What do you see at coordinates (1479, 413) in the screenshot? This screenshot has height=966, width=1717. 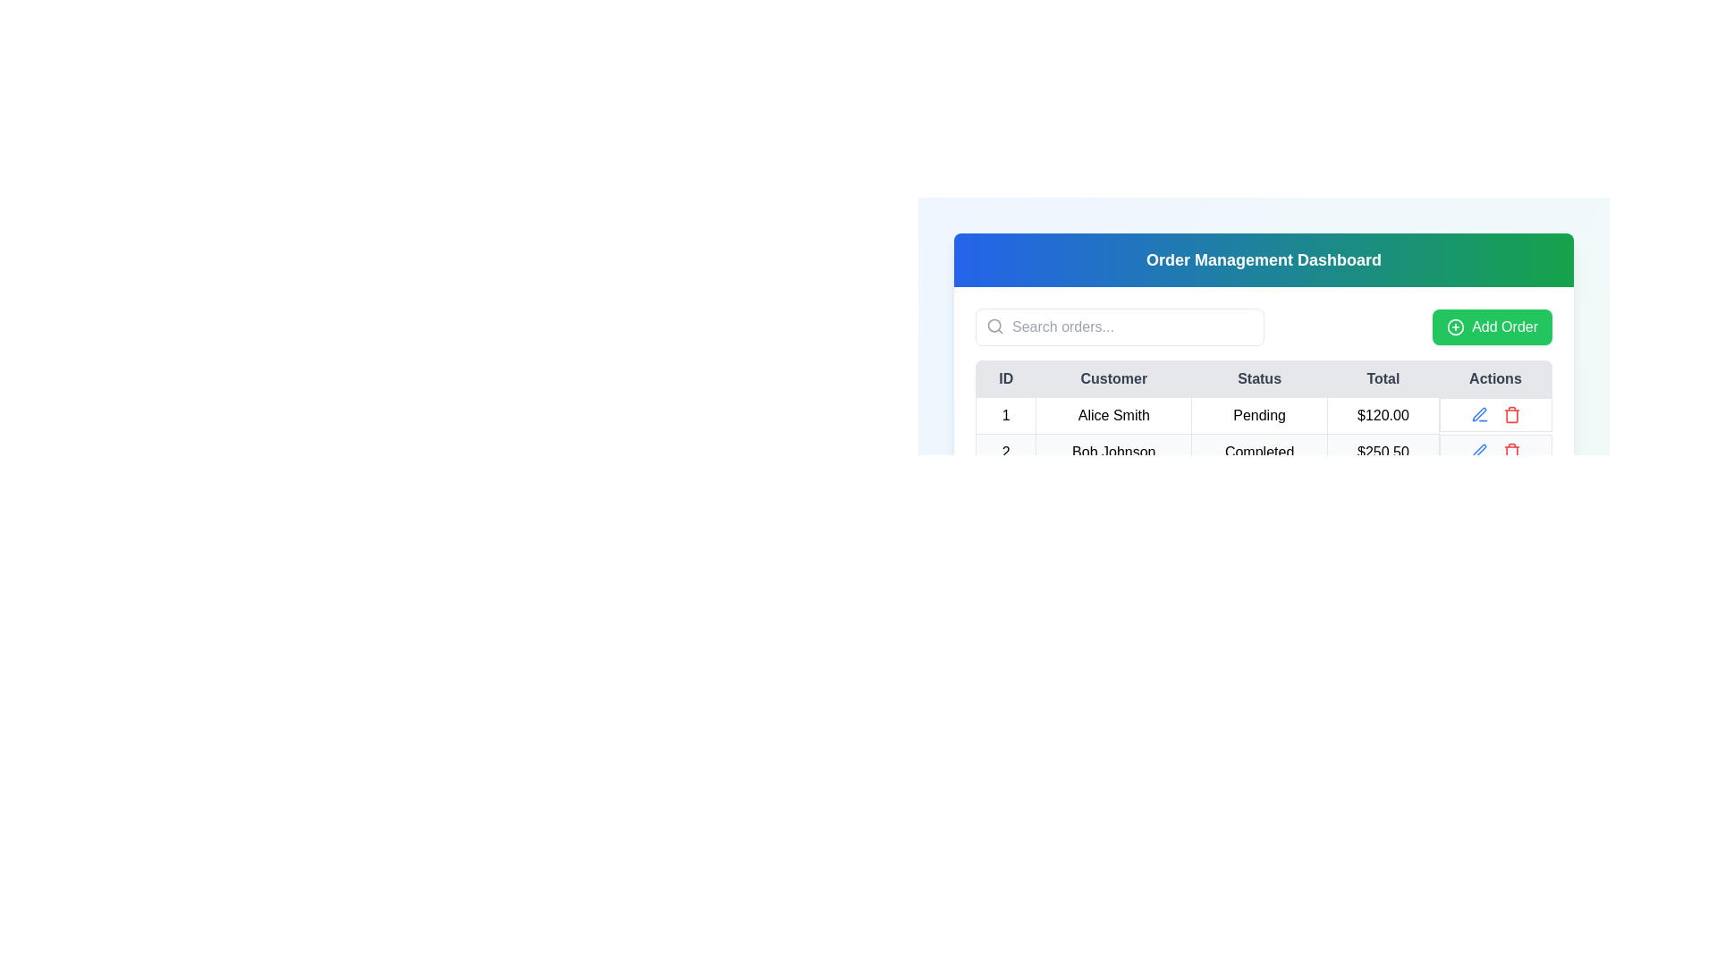 I see `the edit action icon located in the 'Actions' column for the row associated with 'Alice Smith'` at bounding box center [1479, 413].